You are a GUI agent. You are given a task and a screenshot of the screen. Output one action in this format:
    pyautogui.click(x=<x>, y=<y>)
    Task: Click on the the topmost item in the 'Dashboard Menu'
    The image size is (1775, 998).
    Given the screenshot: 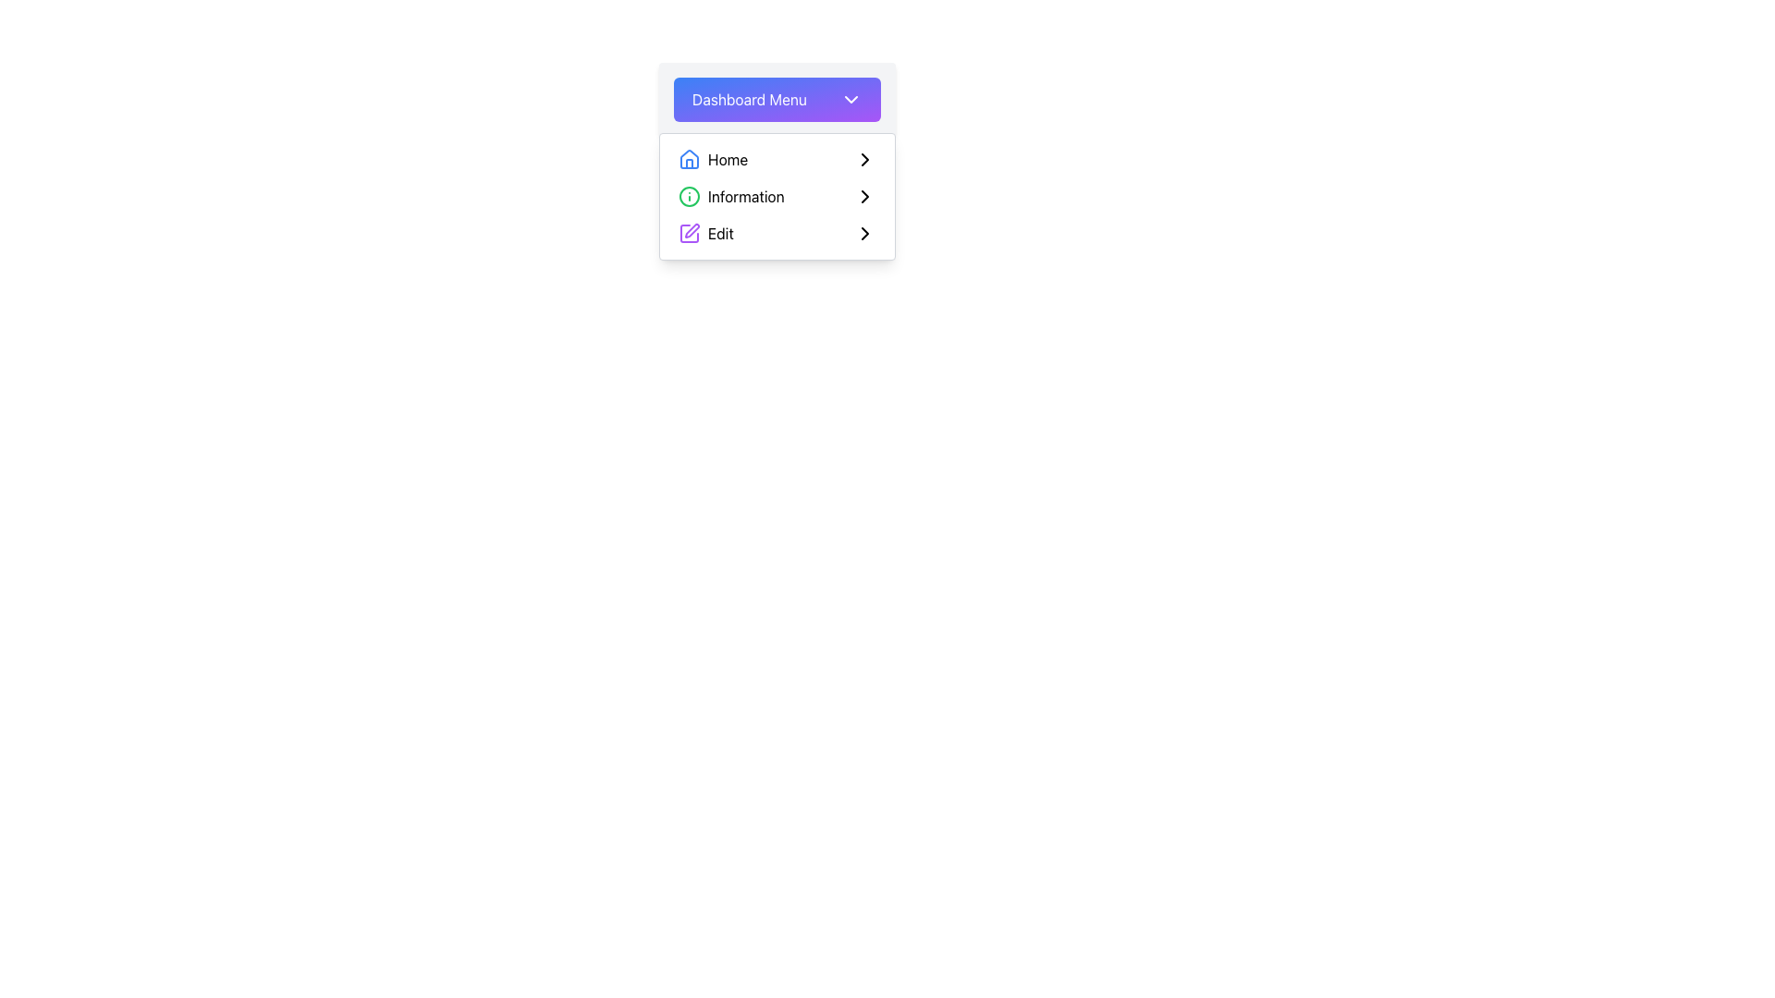 What is the action you would take?
    pyautogui.click(x=712, y=159)
    